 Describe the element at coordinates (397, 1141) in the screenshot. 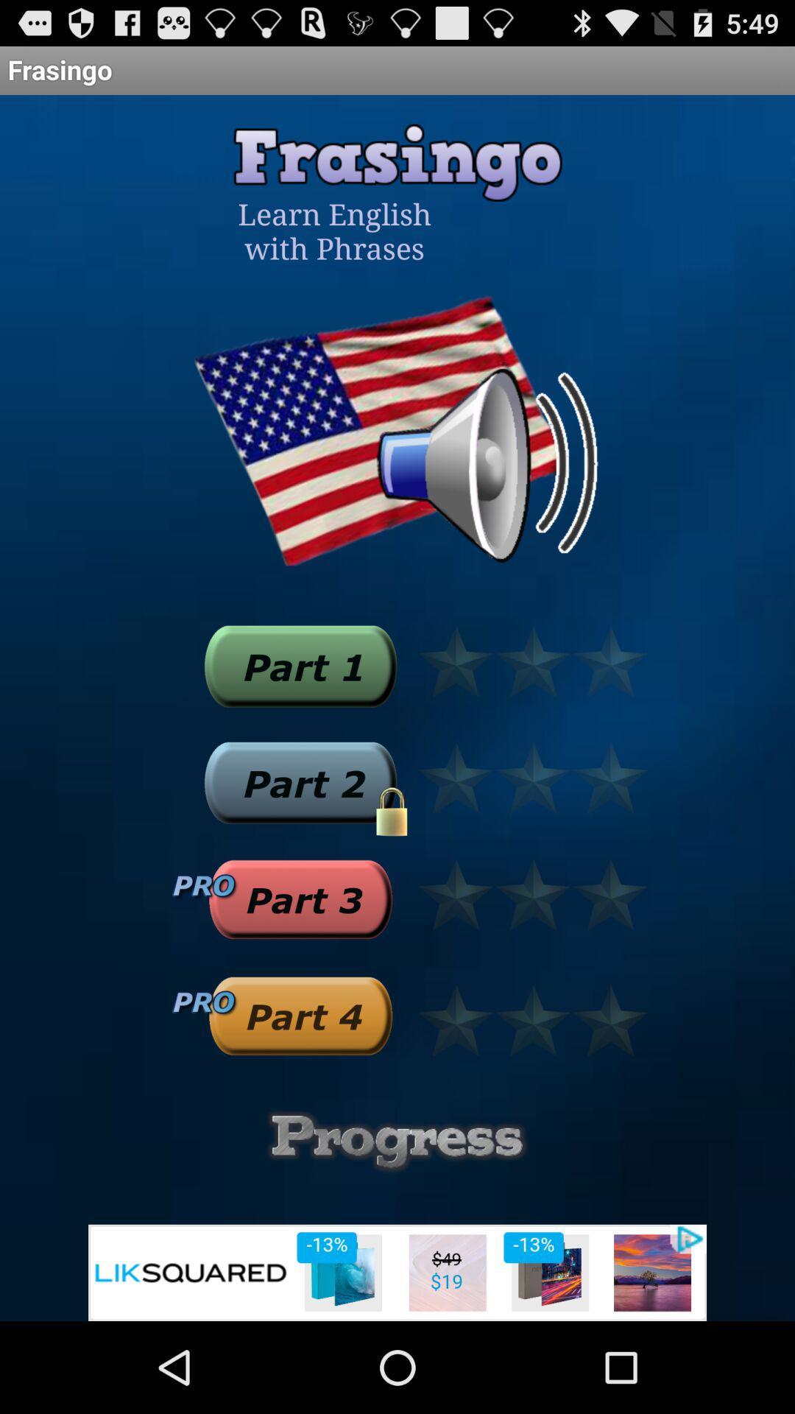

I see `progress` at that location.